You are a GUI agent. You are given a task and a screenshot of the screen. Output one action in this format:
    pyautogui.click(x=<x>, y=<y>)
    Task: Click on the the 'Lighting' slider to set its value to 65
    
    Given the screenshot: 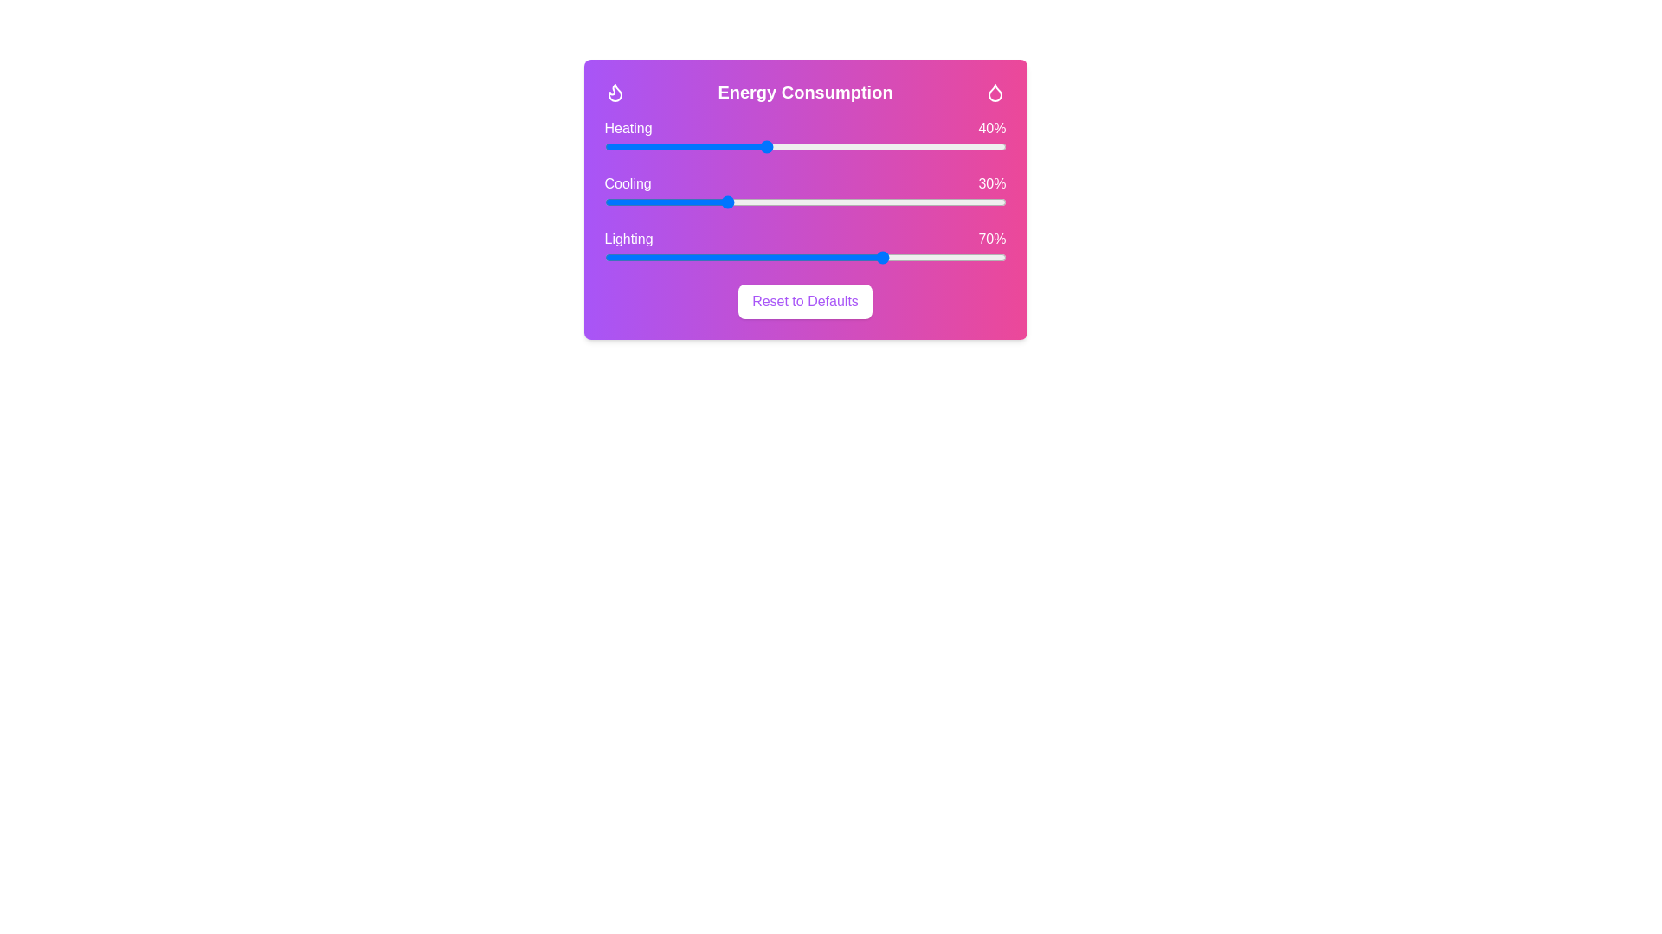 What is the action you would take?
    pyautogui.click(x=866, y=257)
    